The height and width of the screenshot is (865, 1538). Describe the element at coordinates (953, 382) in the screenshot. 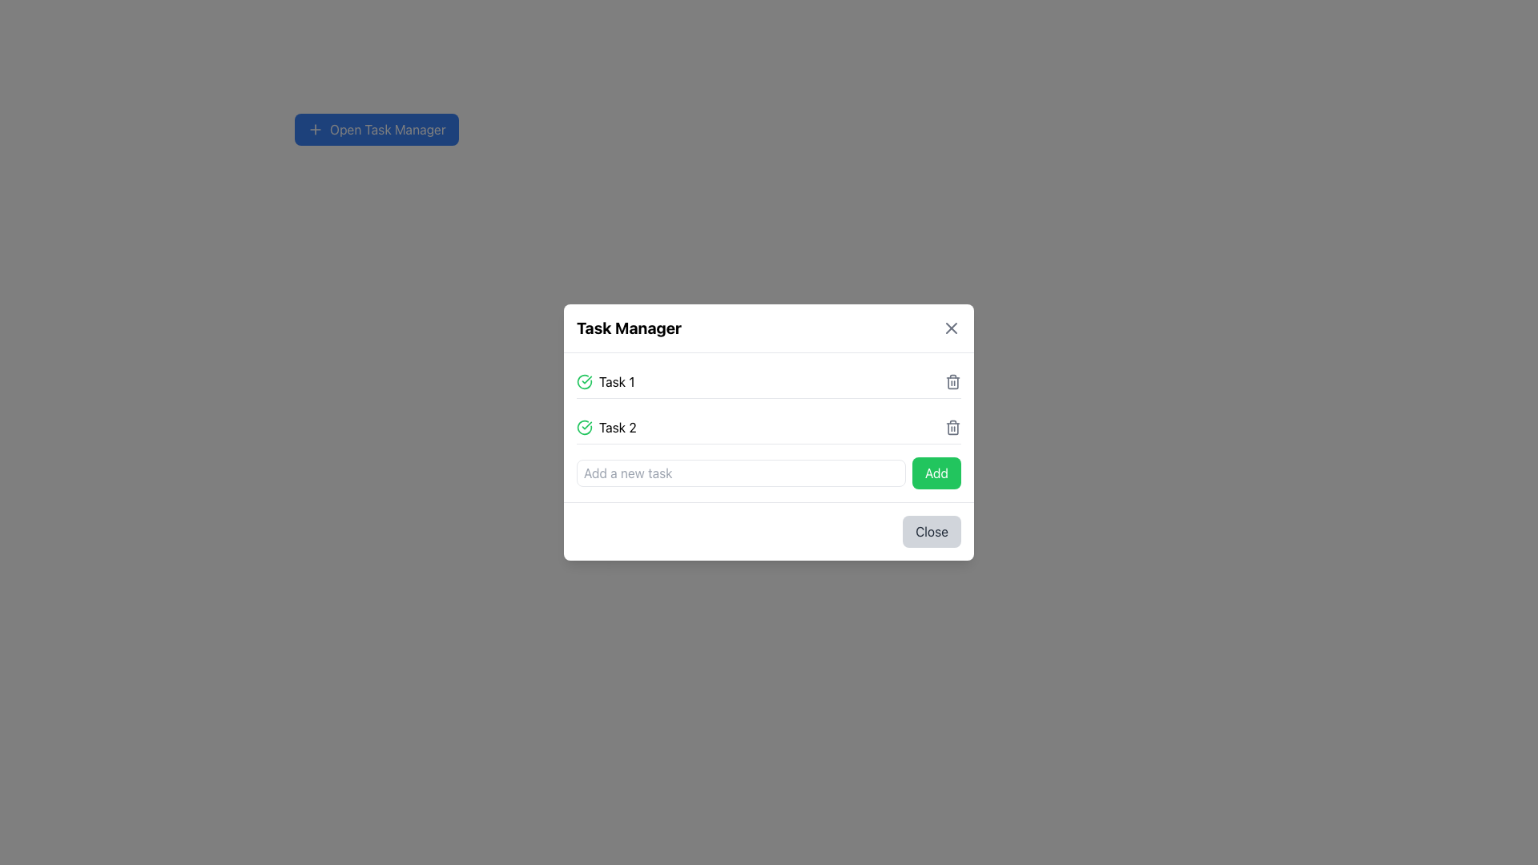

I see `the delete button with a trash bin icon located at the far-right end of the 'Task 1' row in the task manager interface` at that location.